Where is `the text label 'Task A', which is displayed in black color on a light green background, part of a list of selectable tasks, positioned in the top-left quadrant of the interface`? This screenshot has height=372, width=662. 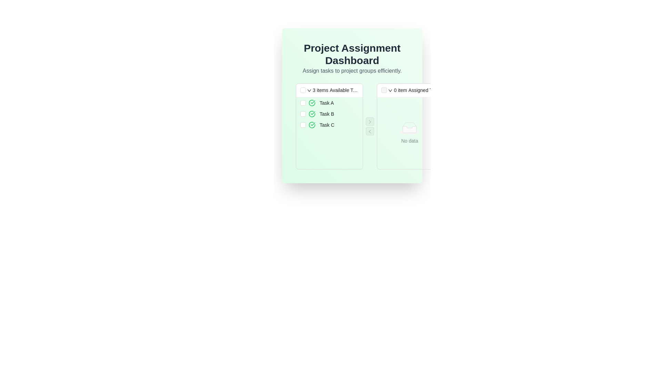
the text label 'Task A', which is displayed in black color on a light green background, part of a list of selectable tasks, positioned in the top-left quadrant of the interface is located at coordinates (326, 103).